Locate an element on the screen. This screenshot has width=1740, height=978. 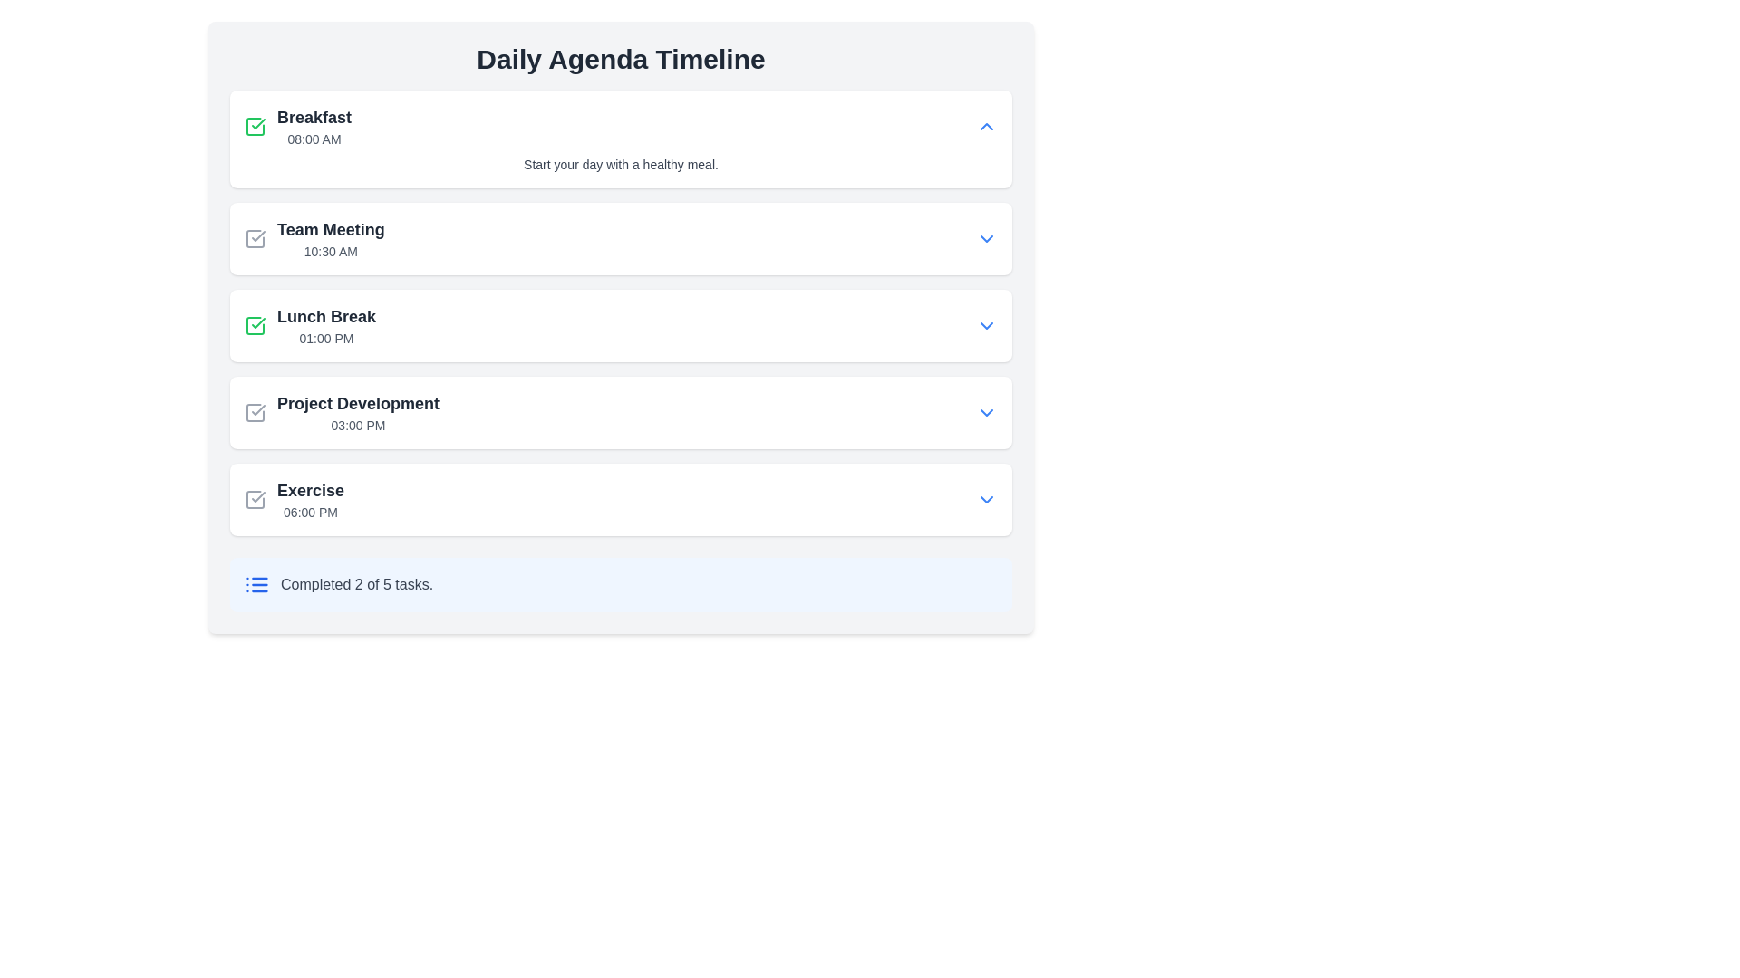
the static text label representing the scheduled time for the 'Lunch Break' activity, which is located directly below the 'Lunch Break' text in the agenda list is located at coordinates (326, 339).